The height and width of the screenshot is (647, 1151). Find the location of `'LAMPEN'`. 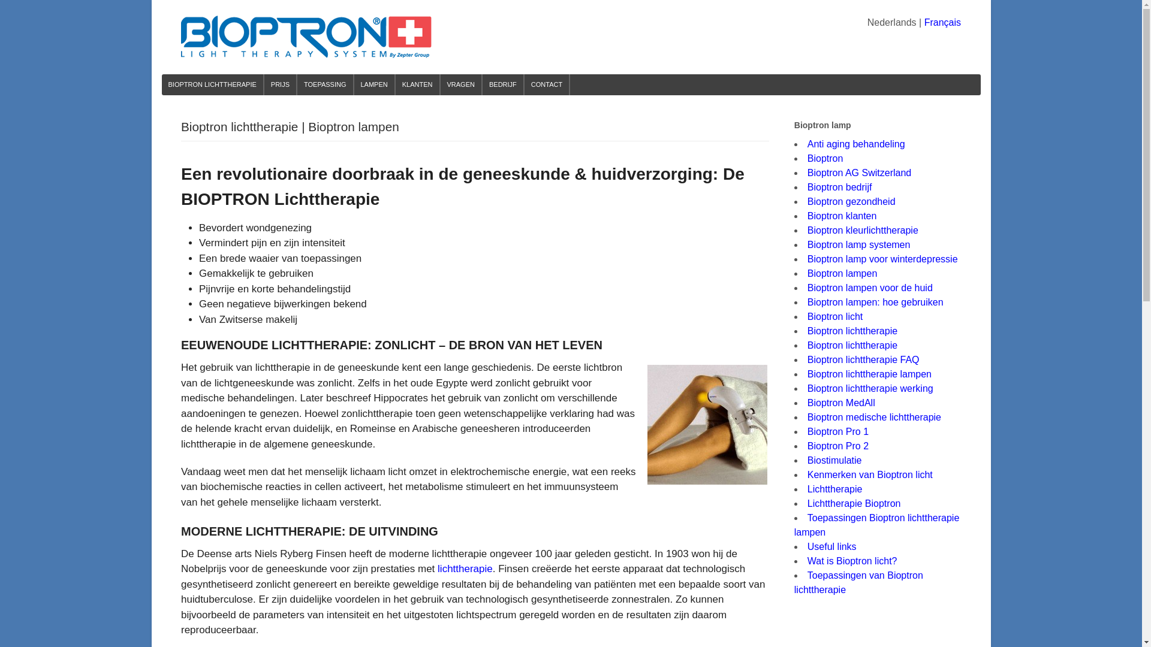

'LAMPEN' is located at coordinates (373, 84).